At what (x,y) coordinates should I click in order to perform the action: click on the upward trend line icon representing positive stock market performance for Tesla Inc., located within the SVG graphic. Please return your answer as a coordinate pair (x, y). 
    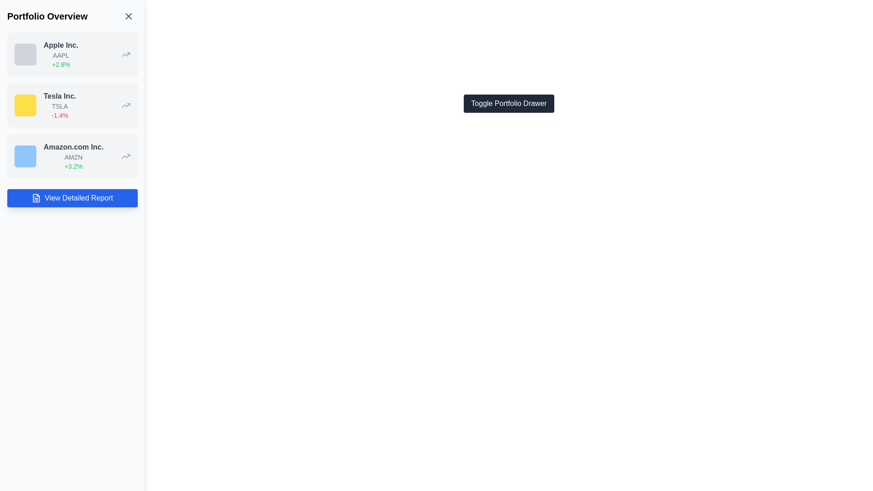
    Looking at the image, I should click on (125, 105).